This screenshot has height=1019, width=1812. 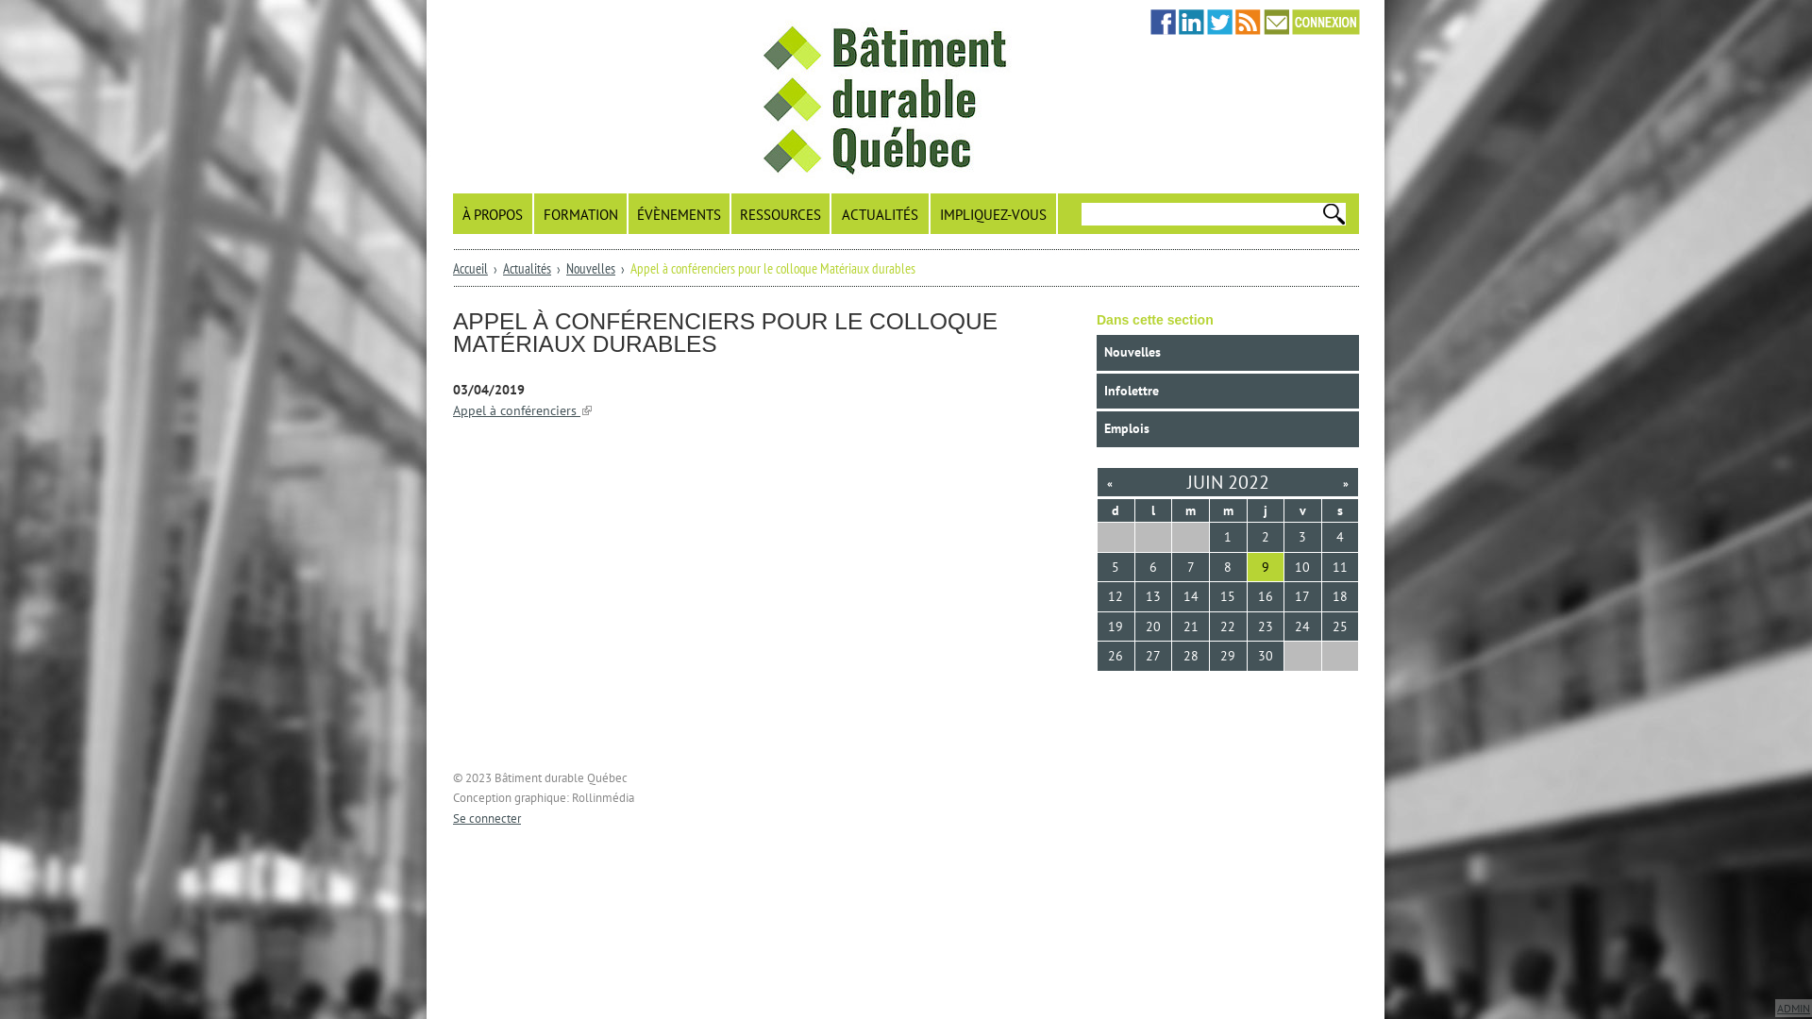 What do you see at coordinates (470, 268) in the screenshot?
I see `'Accueil'` at bounding box center [470, 268].